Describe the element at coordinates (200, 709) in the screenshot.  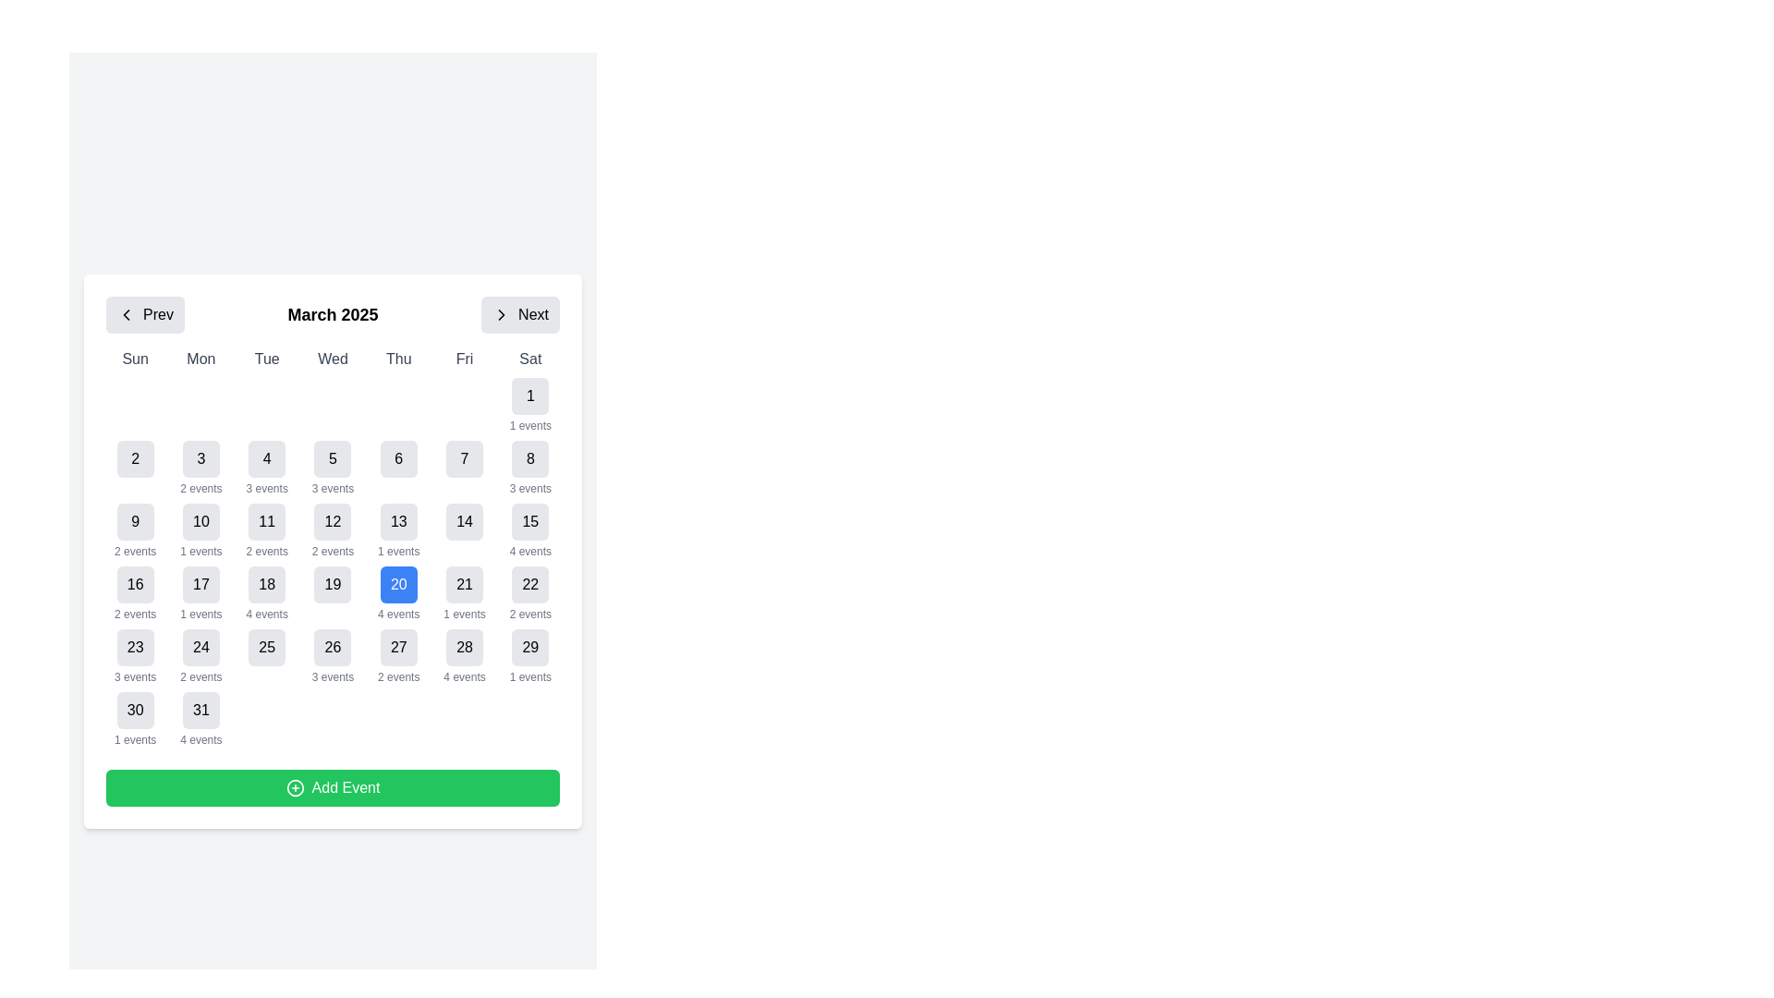
I see `the button representing the date '31' in the calendar` at that location.